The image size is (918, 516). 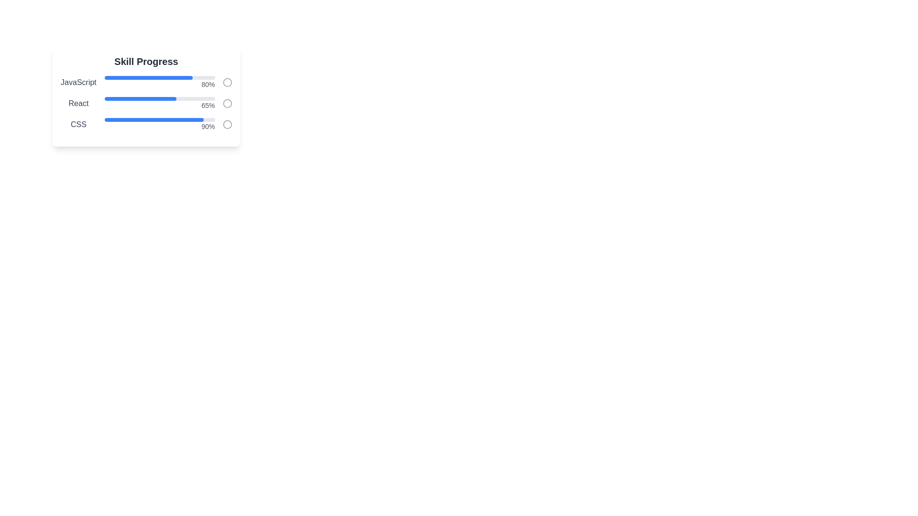 I want to click on the Text Label that identifies the 'JavaScript' skills progress, which is located at the top-left section of the 'Skill Progress' box, so click(x=78, y=82).